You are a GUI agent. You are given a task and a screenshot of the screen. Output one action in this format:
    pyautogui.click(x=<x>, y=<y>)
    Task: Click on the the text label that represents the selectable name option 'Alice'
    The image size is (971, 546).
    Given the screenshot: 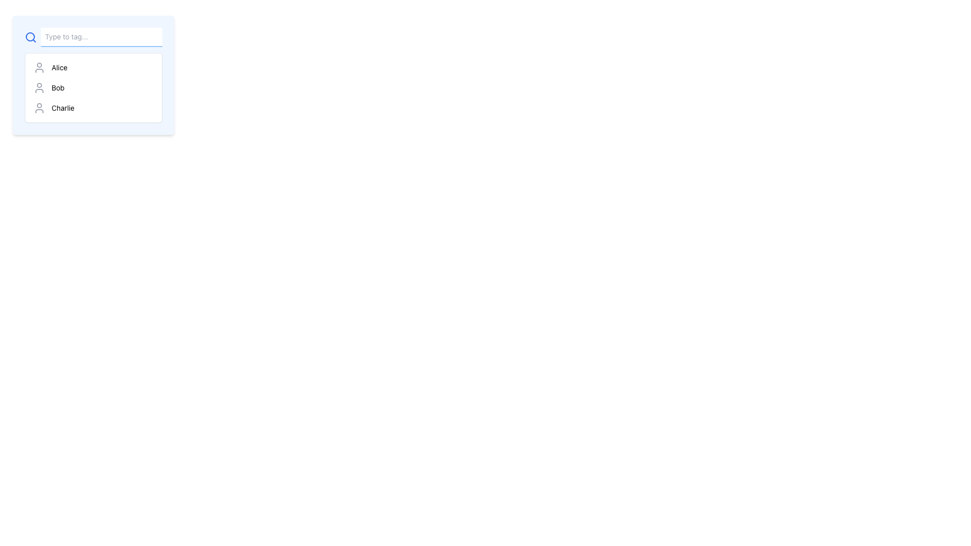 What is the action you would take?
    pyautogui.click(x=59, y=68)
    